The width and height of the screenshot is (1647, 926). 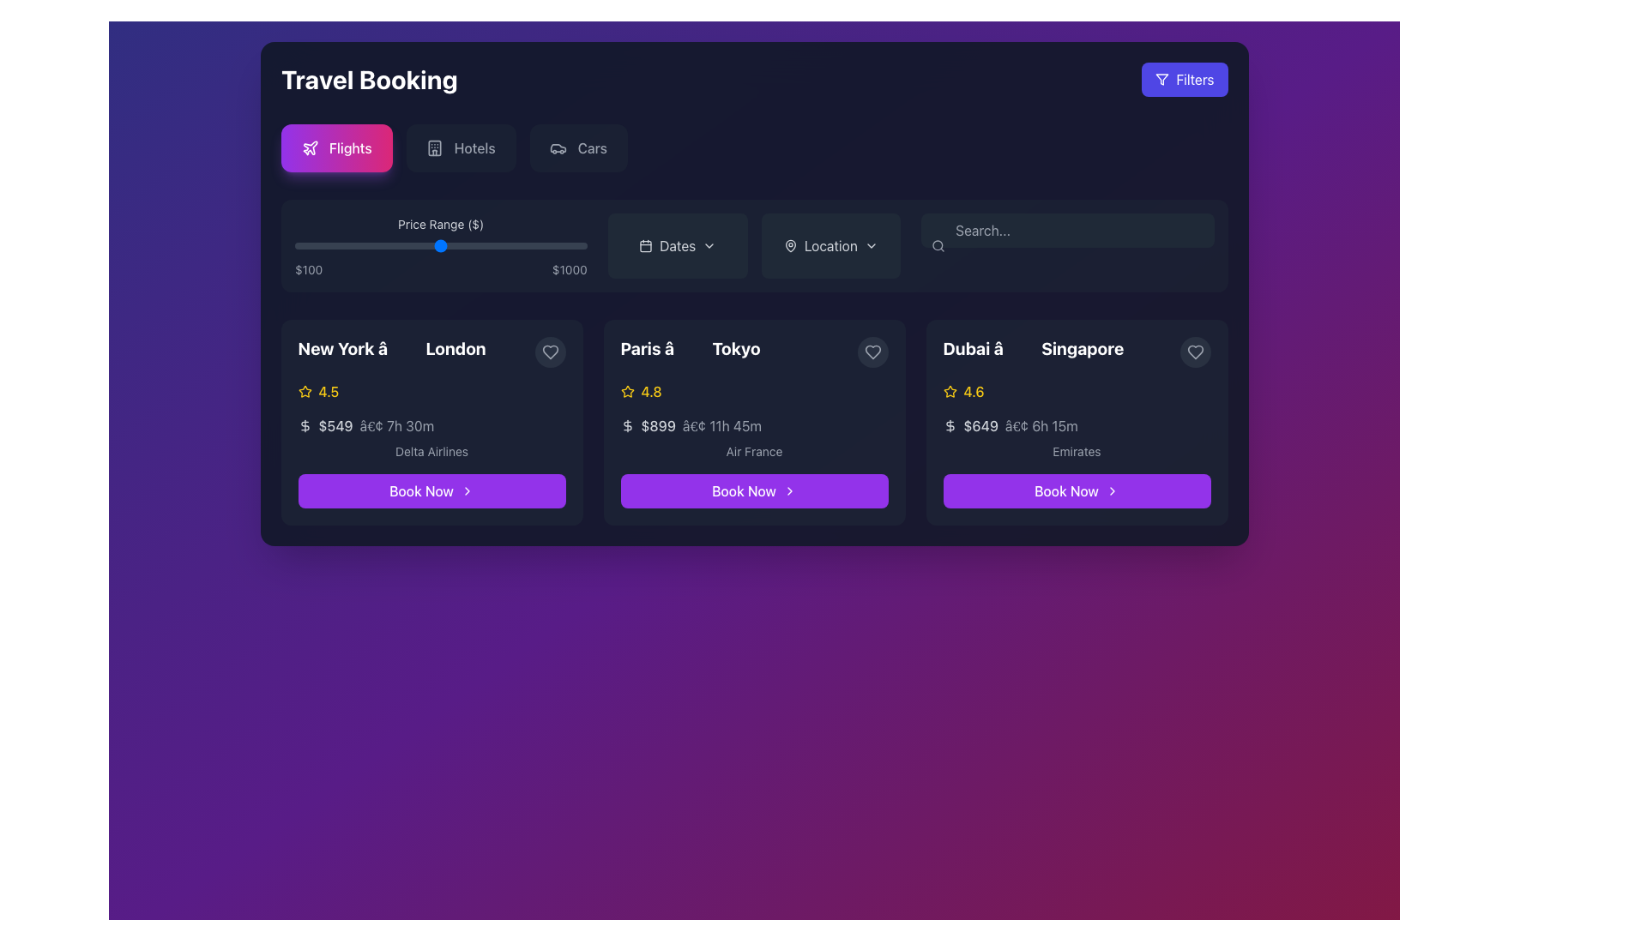 What do you see at coordinates (336, 147) in the screenshot?
I see `the rectangular button labeled 'Flights', which has a gradient background from purple to pink and an airplane icon on the left` at bounding box center [336, 147].